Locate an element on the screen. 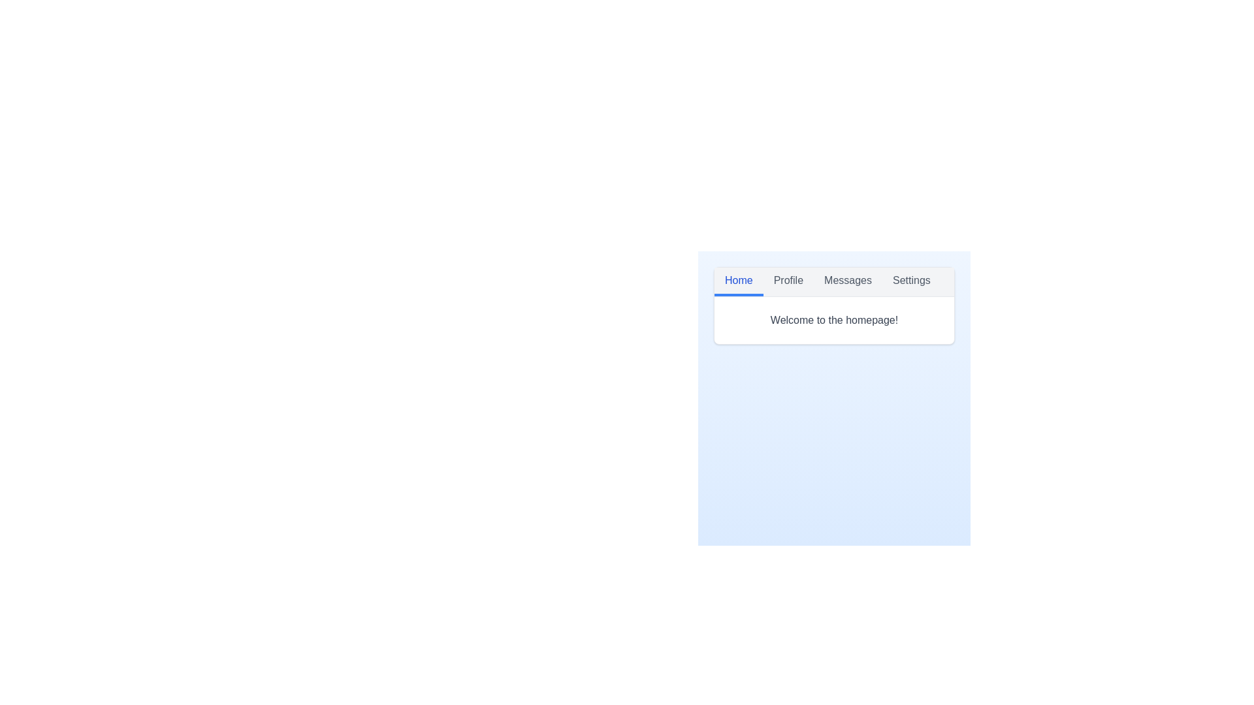  the Menu or Navigation Bar located at the top center of the application is located at coordinates (833, 281).